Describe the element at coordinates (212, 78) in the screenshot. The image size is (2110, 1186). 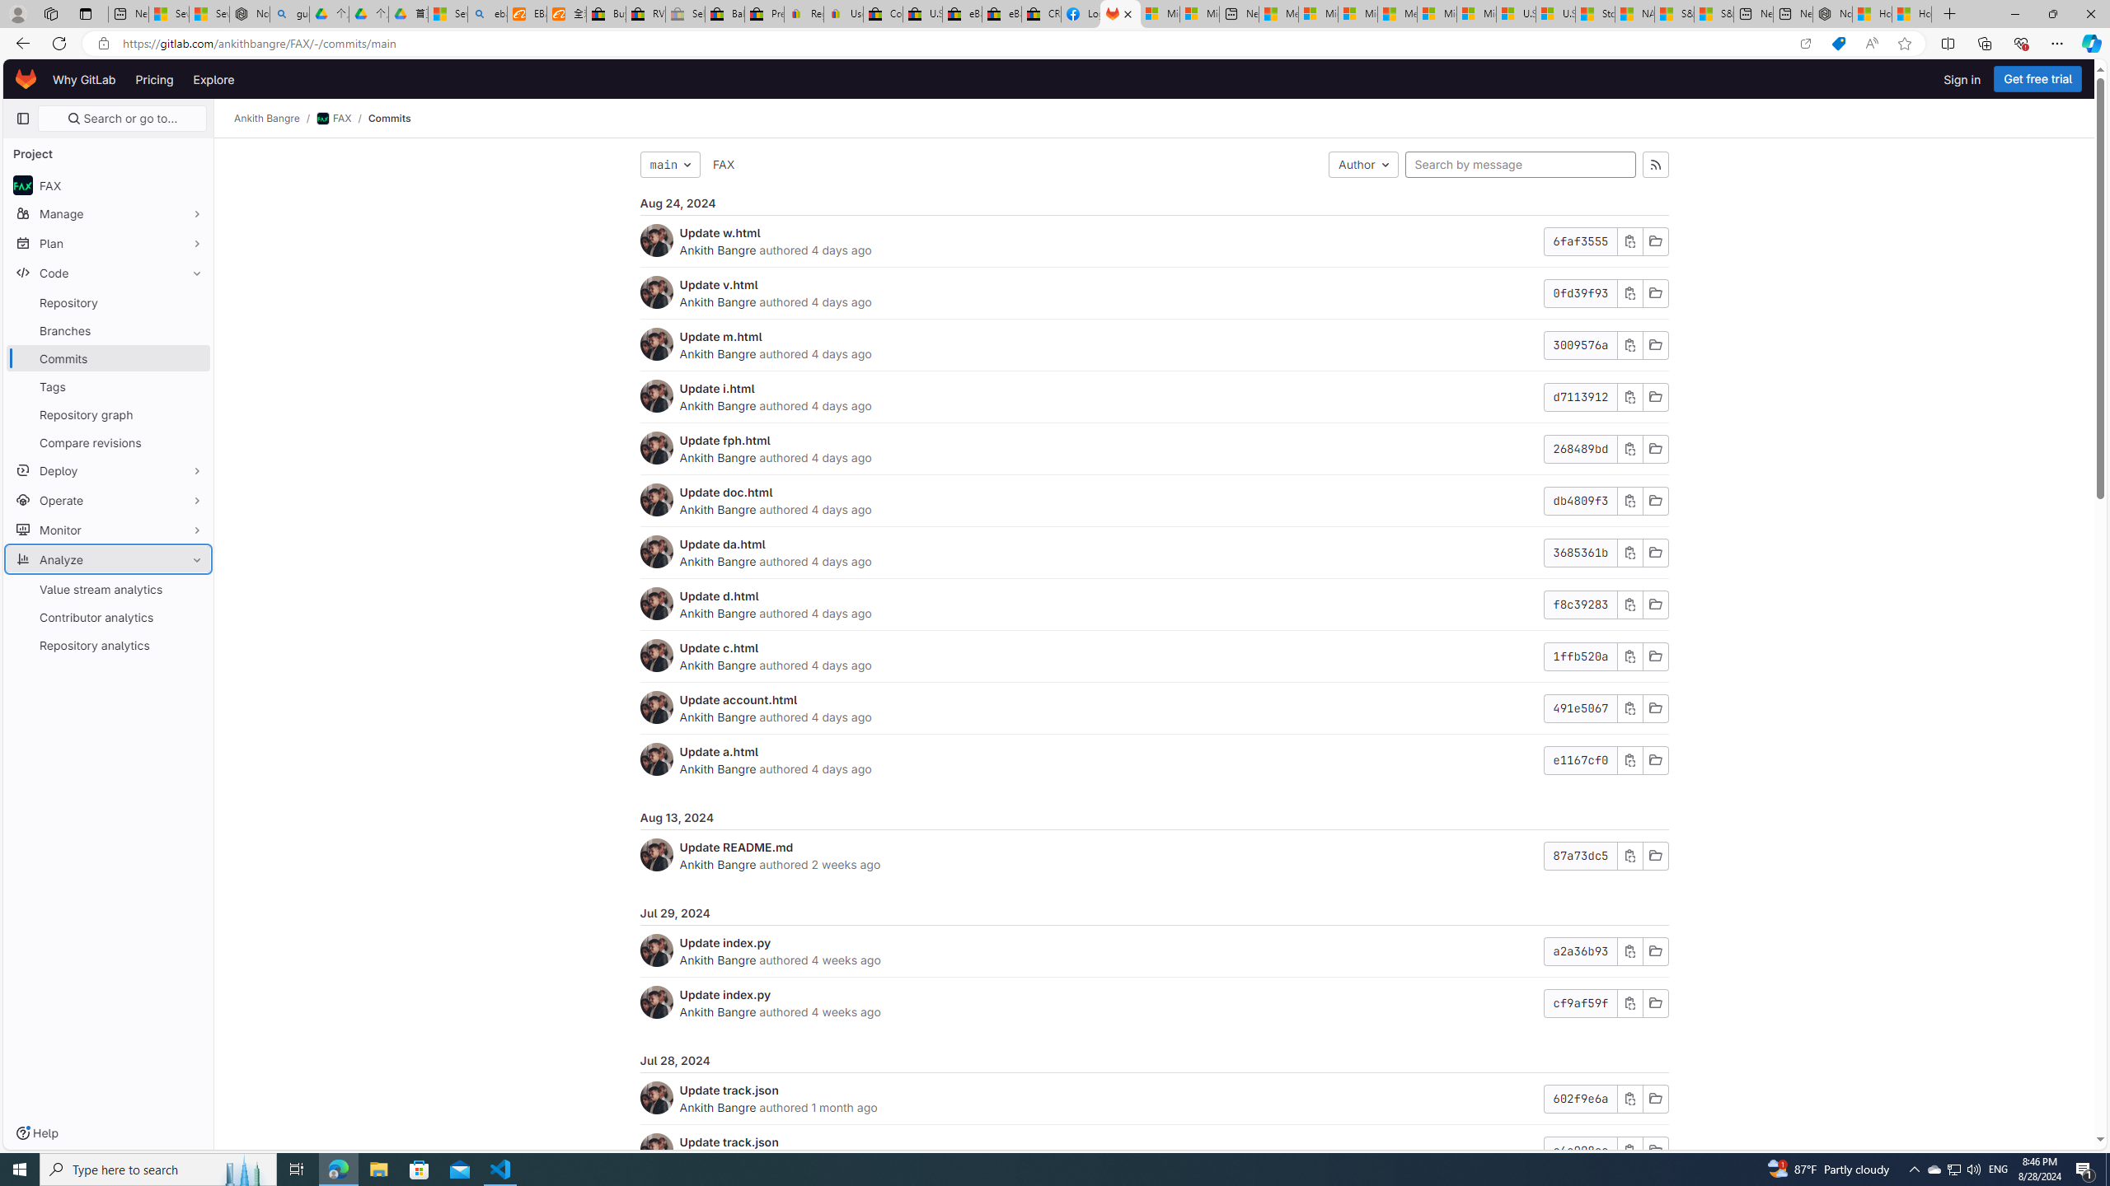
I see `'Explore'` at that location.